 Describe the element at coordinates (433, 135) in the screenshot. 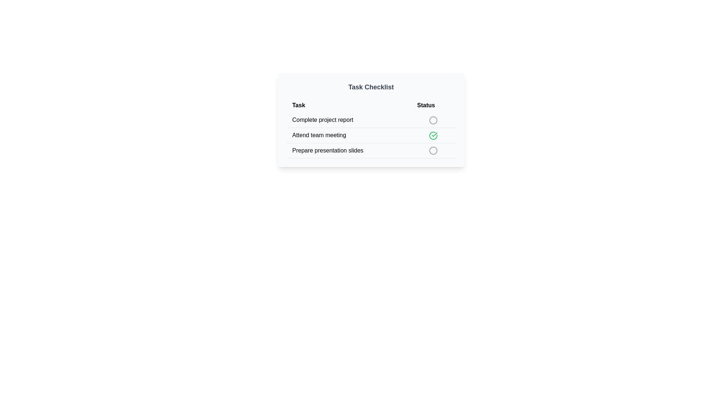

I see `the green-bordered circular completion indicator with a checkmark symbol in the 'Status' column, aligned with the 'Attend team meeting' task` at that location.